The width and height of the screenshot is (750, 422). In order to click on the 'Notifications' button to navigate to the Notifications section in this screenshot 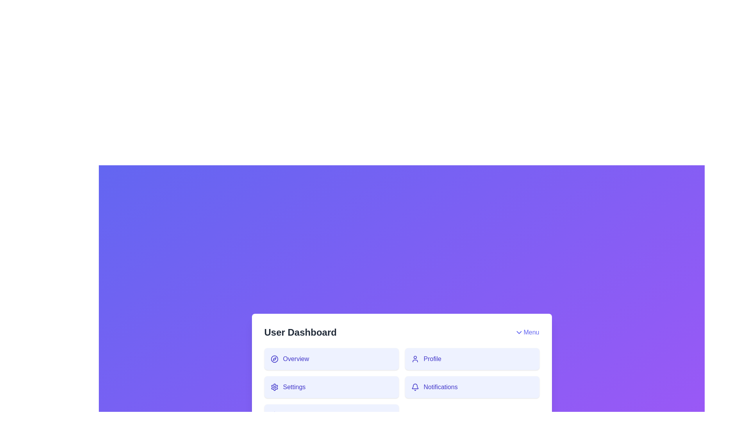, I will do `click(471, 387)`.